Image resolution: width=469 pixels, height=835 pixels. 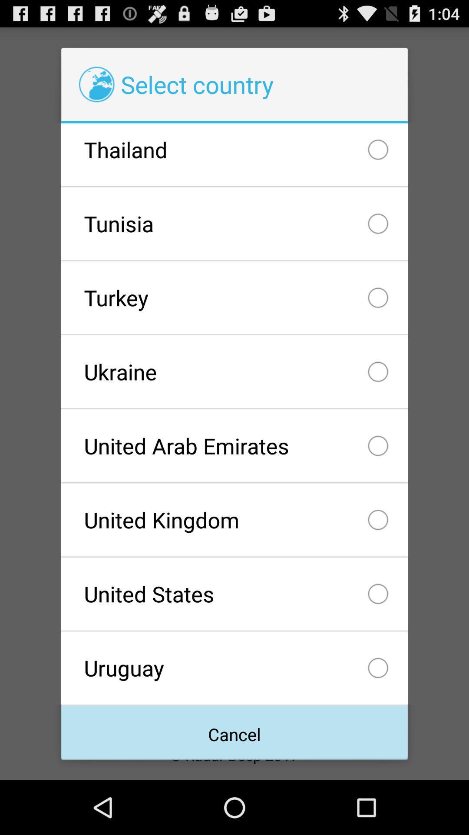 I want to click on cancel button, so click(x=234, y=732).